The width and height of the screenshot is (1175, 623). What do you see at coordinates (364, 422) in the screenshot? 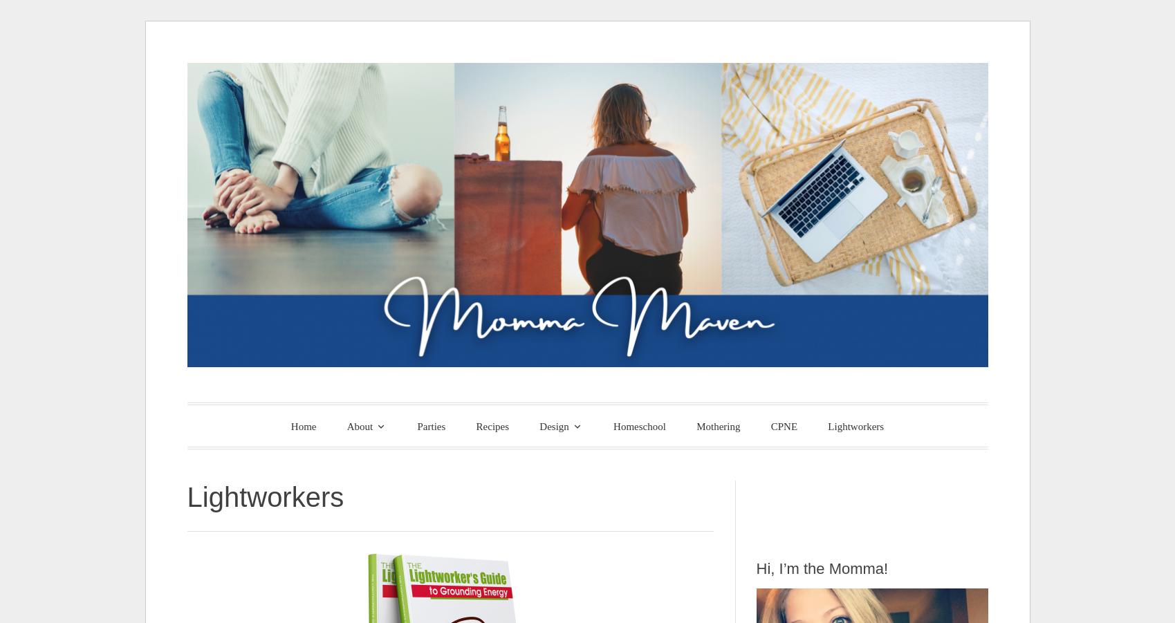
I see `'Momma Maven'` at bounding box center [364, 422].